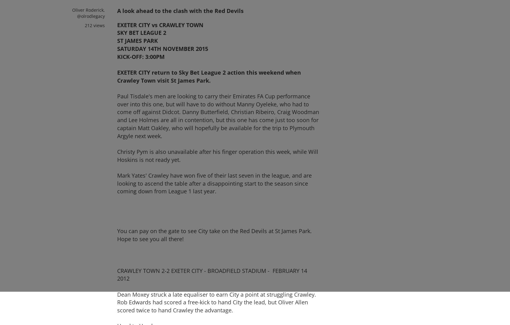  I want to click on 'Paul Tisdale's men are looking to carry their Emirates FA Cup performance over into this one, but will have to do without Manny Oyeleke, who had to come off against Didcot. Danny Butterfield, Christian Ribeiro, Craig Woodman and Lee Holmes are all in contention, but this one has come just too soon for captain Matt Oakley, who will hopefully be available for the trip to Plymouth Argyle next week.', so click(218, 115).